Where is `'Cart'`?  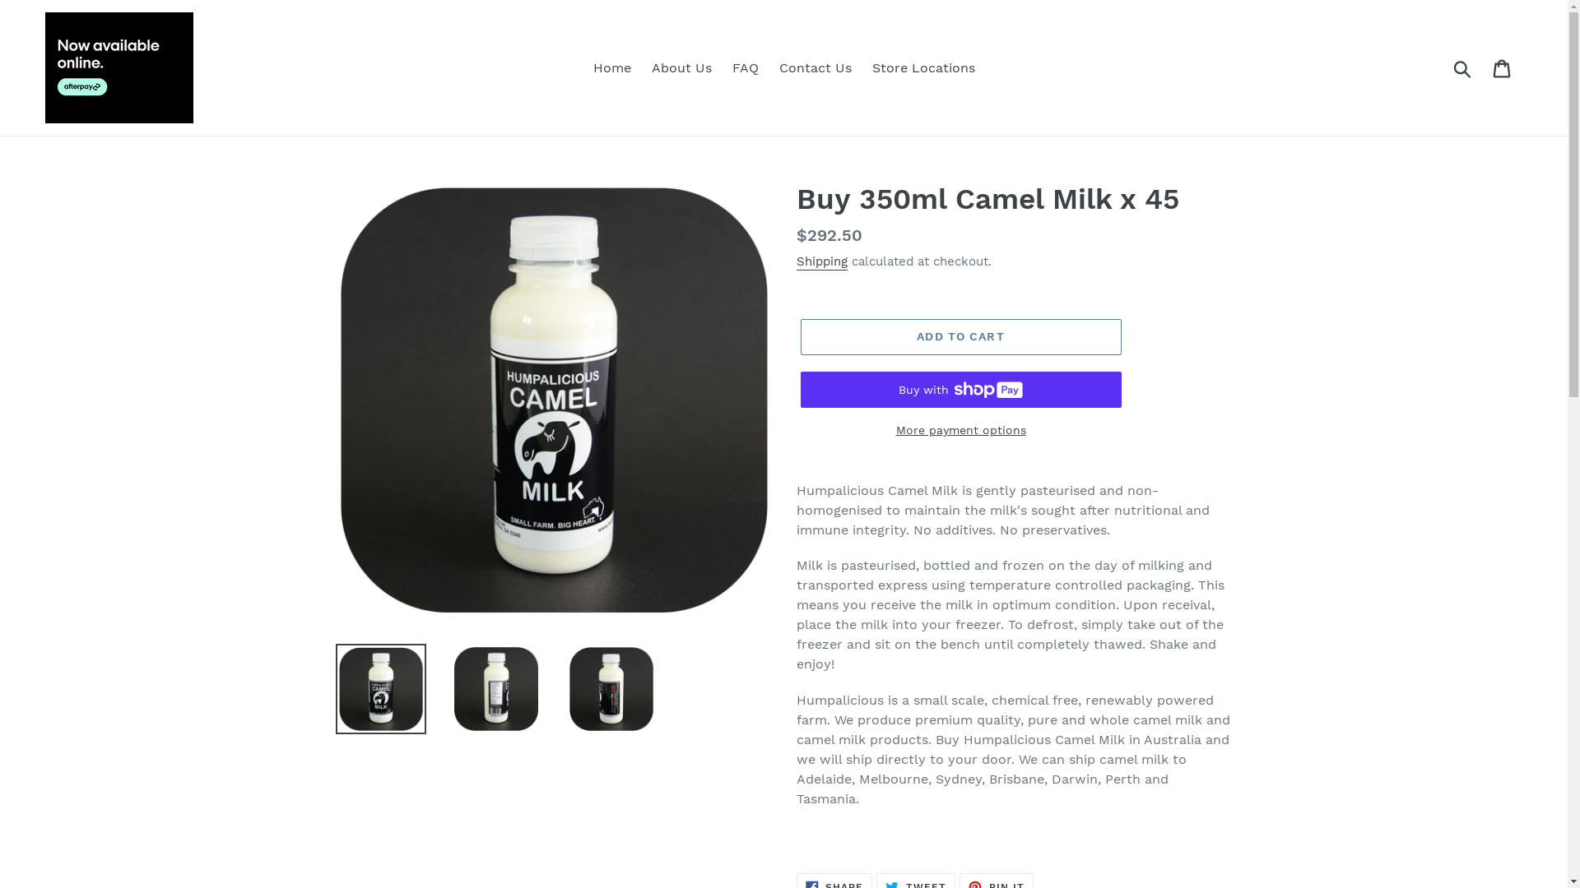
'Cart' is located at coordinates (1503, 67).